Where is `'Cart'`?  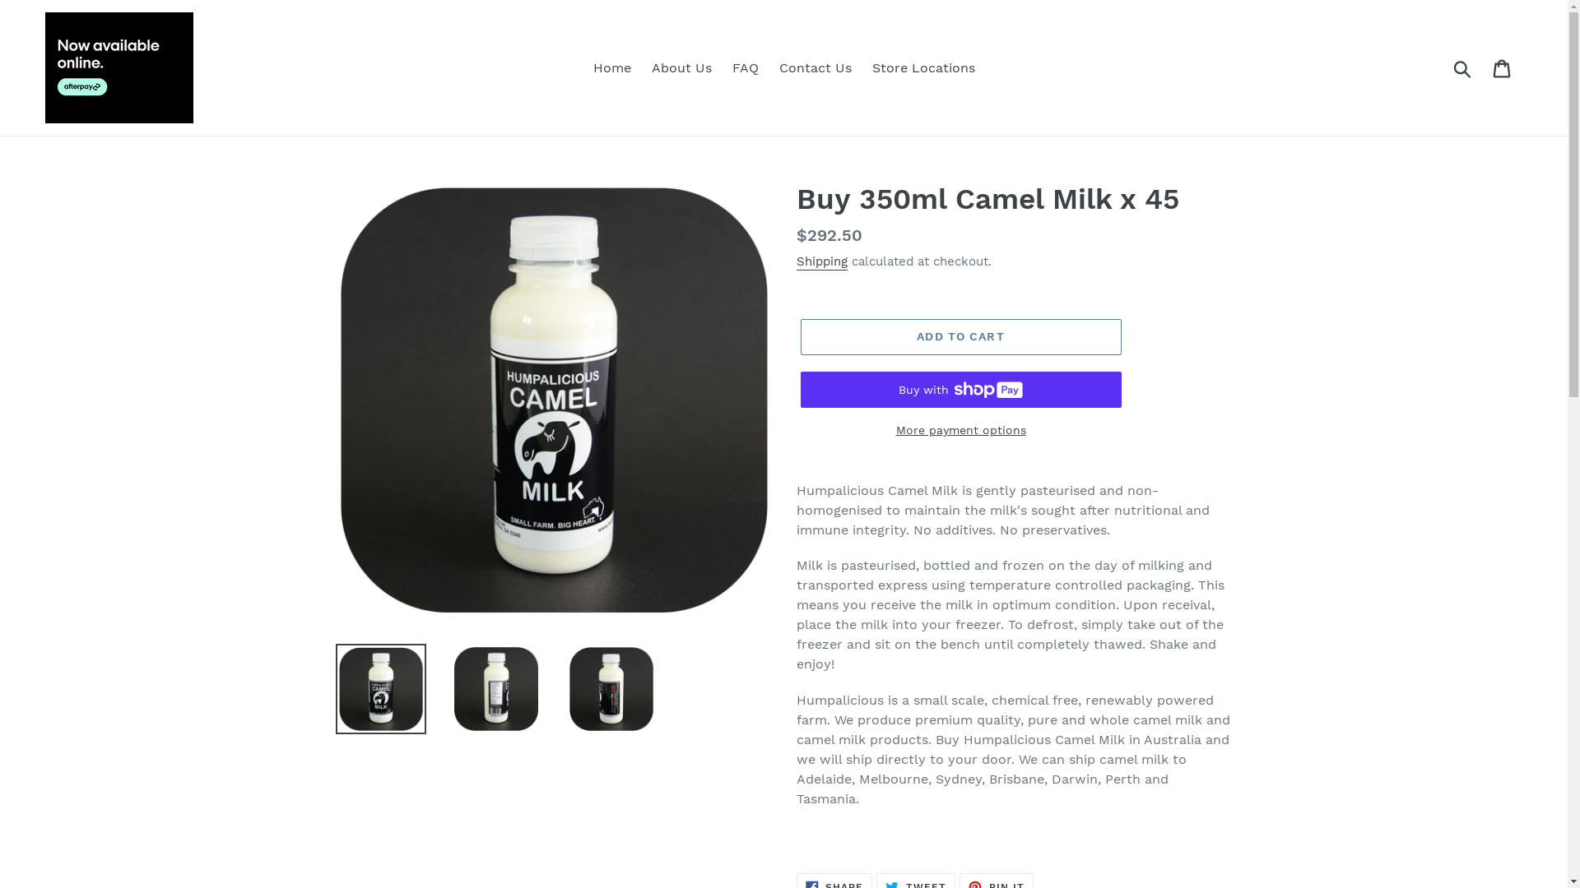
'Cart' is located at coordinates (1503, 67).